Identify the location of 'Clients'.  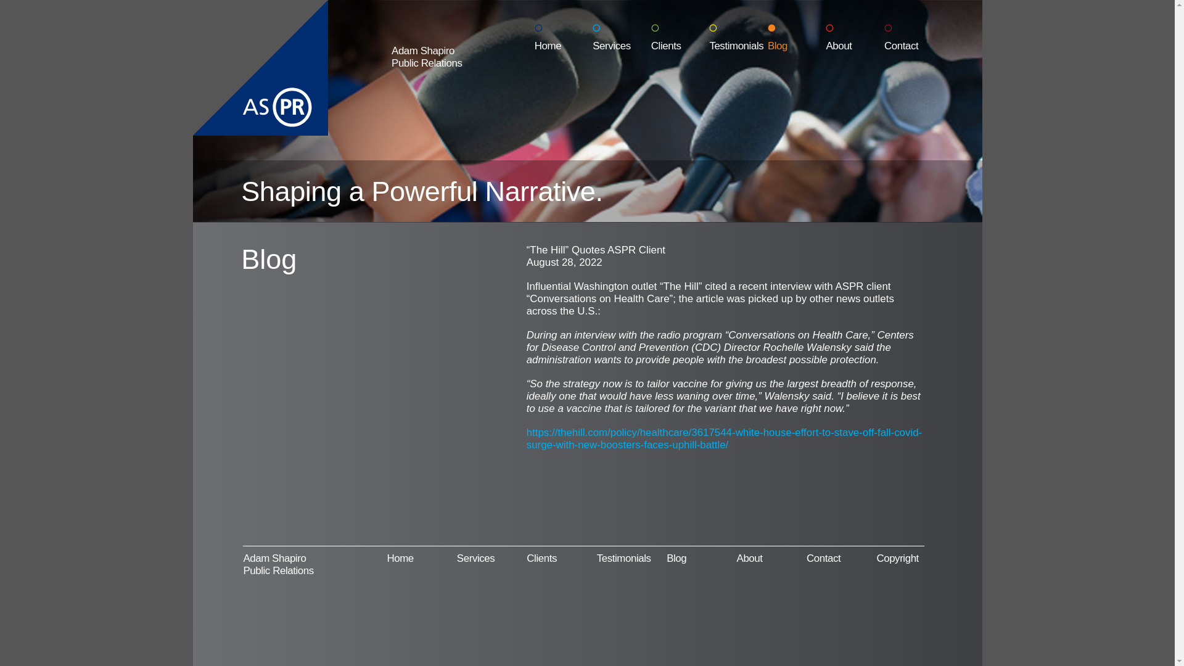
(651, 37).